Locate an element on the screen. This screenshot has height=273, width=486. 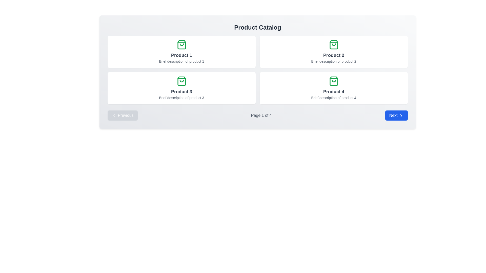
text label displaying 'Product 2' located in the top-right card of the grid layout, just below the green shopping bag icon is located at coordinates (334, 55).